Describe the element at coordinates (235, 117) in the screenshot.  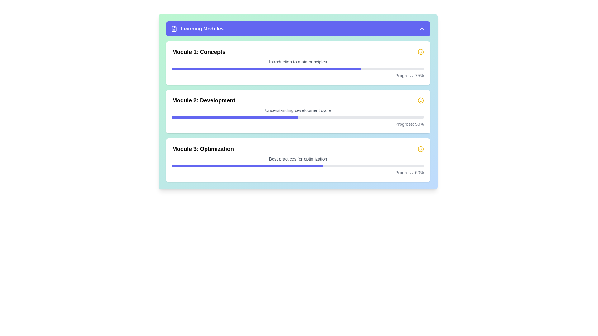
I see `the indigo filled portion of the progress bar indicator, which is part of the second module's progress bar layout and occupies 50% of its width` at that location.